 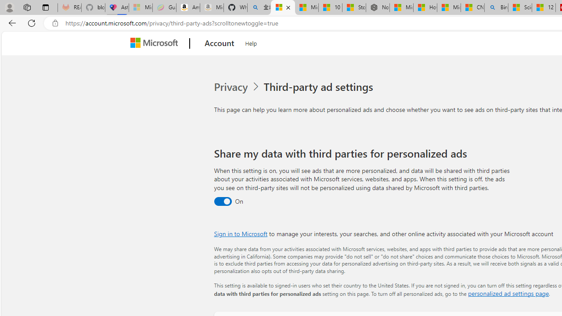 I want to click on 'Bing', so click(x=496, y=7).